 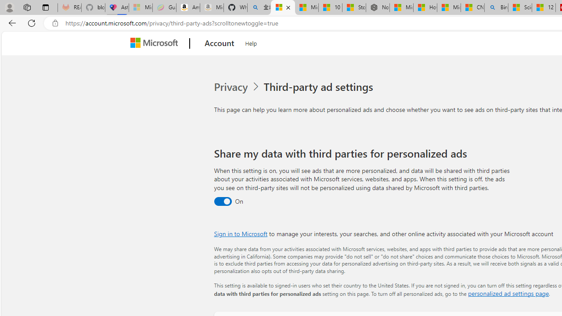 I want to click on 'Bing', so click(x=496, y=7).